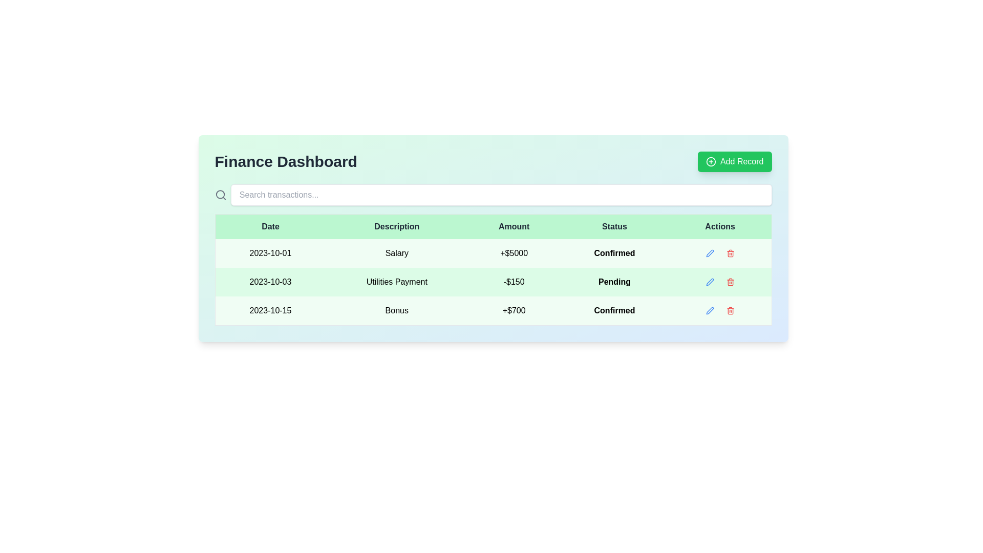 The width and height of the screenshot is (983, 553). Describe the element at coordinates (220, 195) in the screenshot. I see `the circular search icon resembling a magnifying glass, which is located to the left of the search input box in the interface header` at that location.